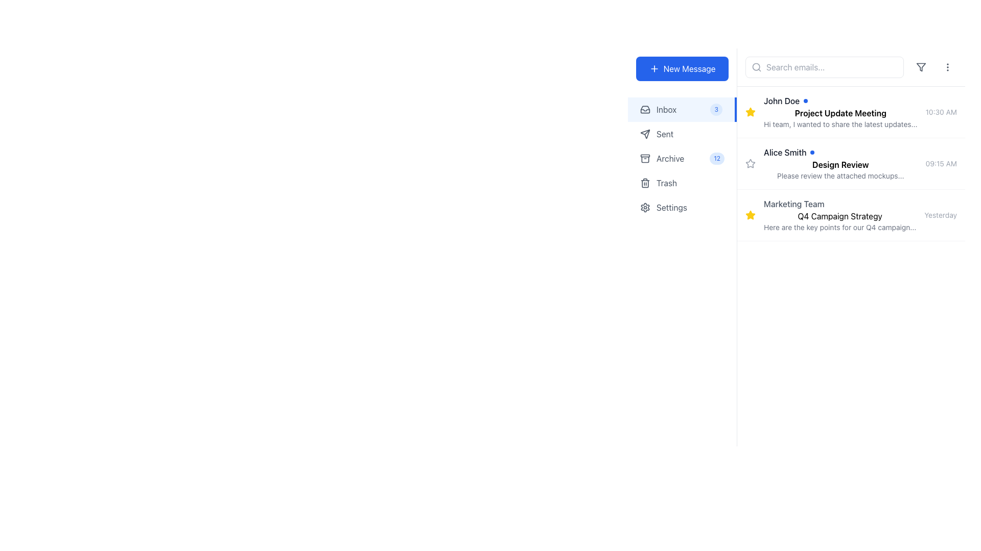  I want to click on the 'Inbox' navigation link in the side menu, so click(682, 110).